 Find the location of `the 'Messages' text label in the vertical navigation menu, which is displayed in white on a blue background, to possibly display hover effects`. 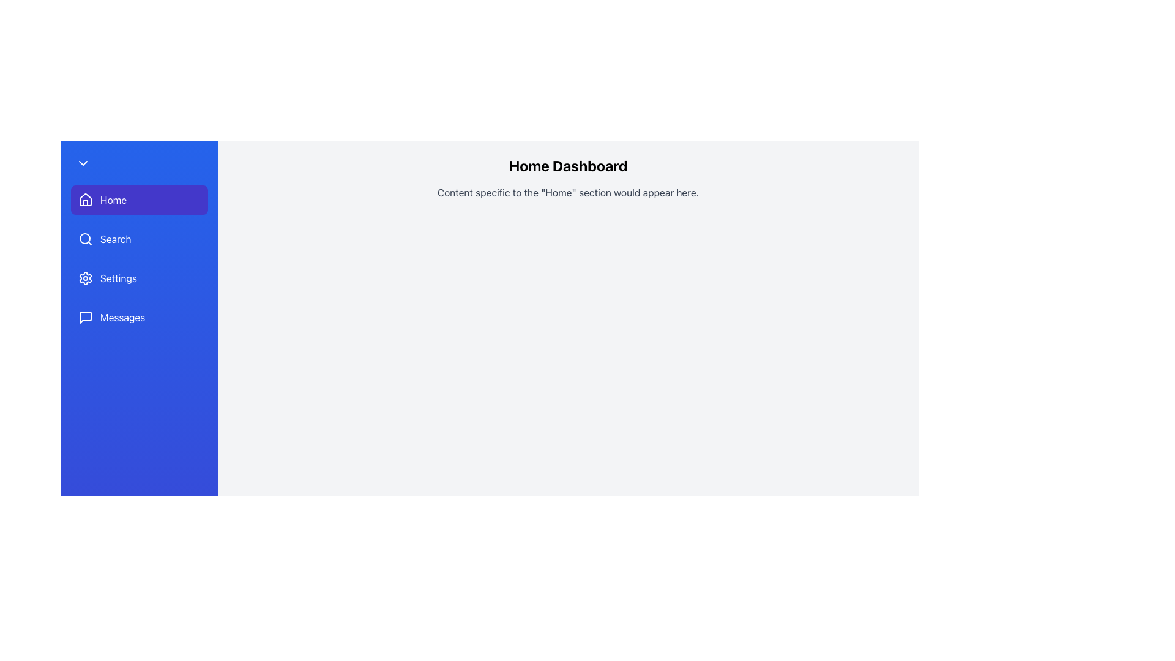

the 'Messages' text label in the vertical navigation menu, which is displayed in white on a blue background, to possibly display hover effects is located at coordinates (122, 317).